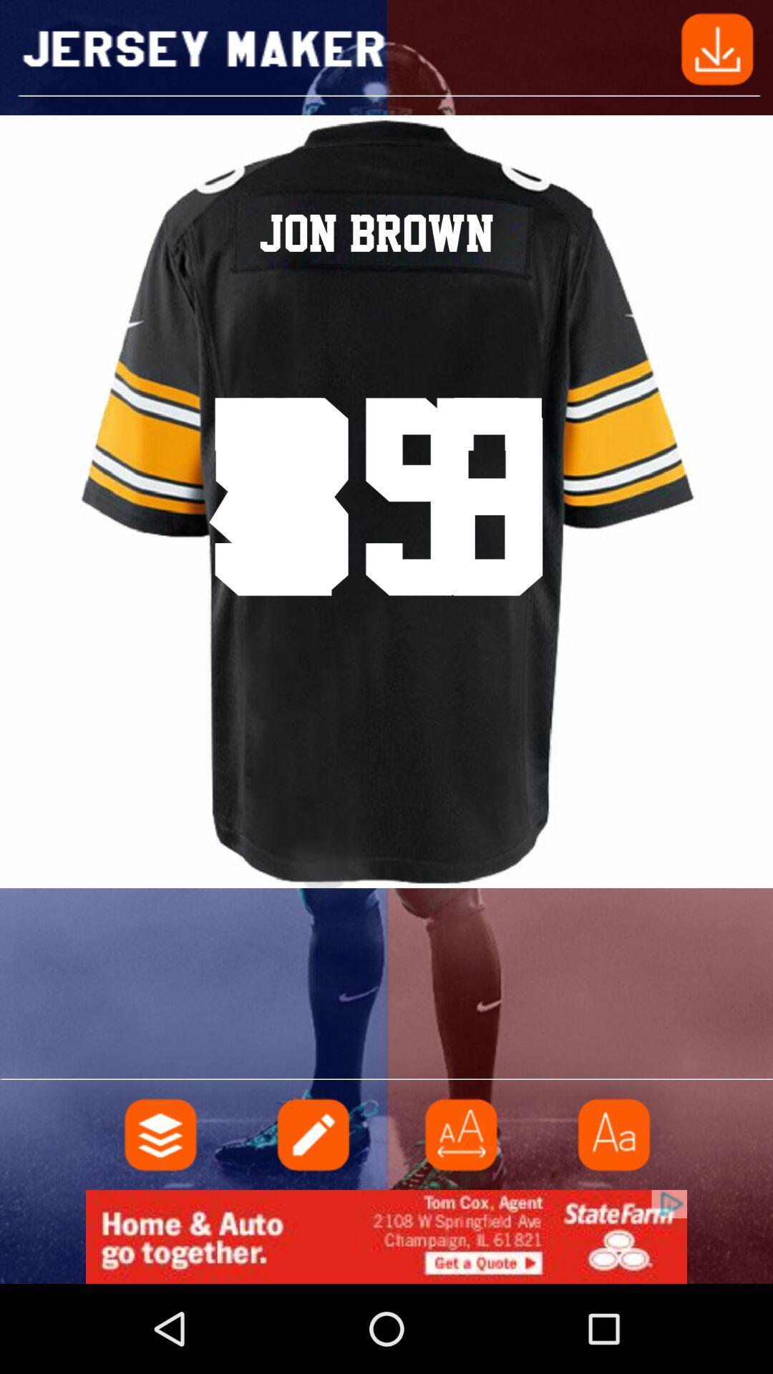 This screenshot has height=1374, width=773. What do you see at coordinates (461, 1134) in the screenshot?
I see `space` at bounding box center [461, 1134].